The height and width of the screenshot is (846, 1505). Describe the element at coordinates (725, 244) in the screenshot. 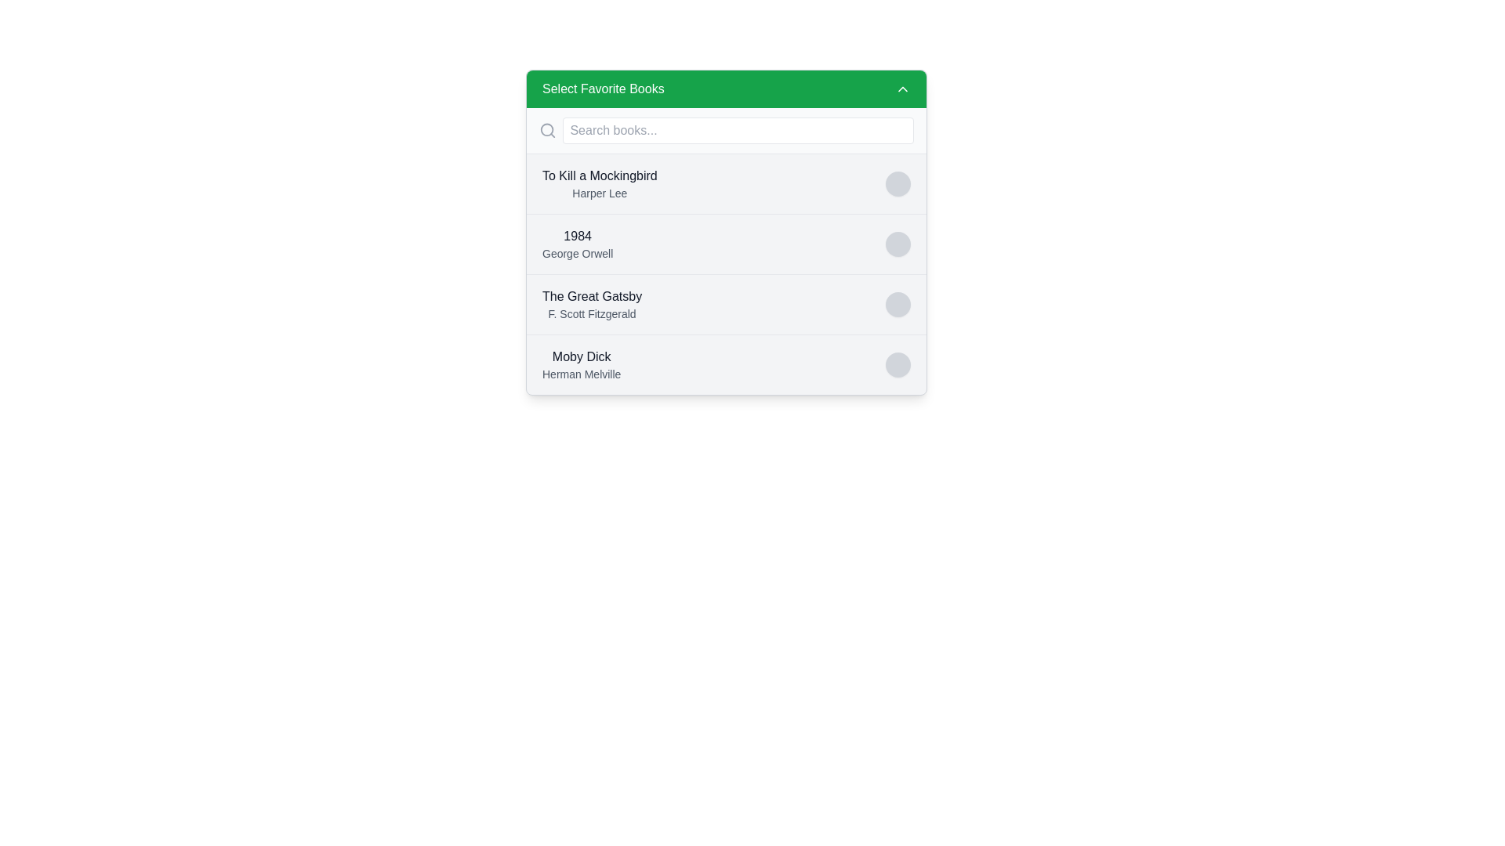

I see `the circular button associated with the book entry '1984' by George Orwell, which is the second item in the list of books` at that location.